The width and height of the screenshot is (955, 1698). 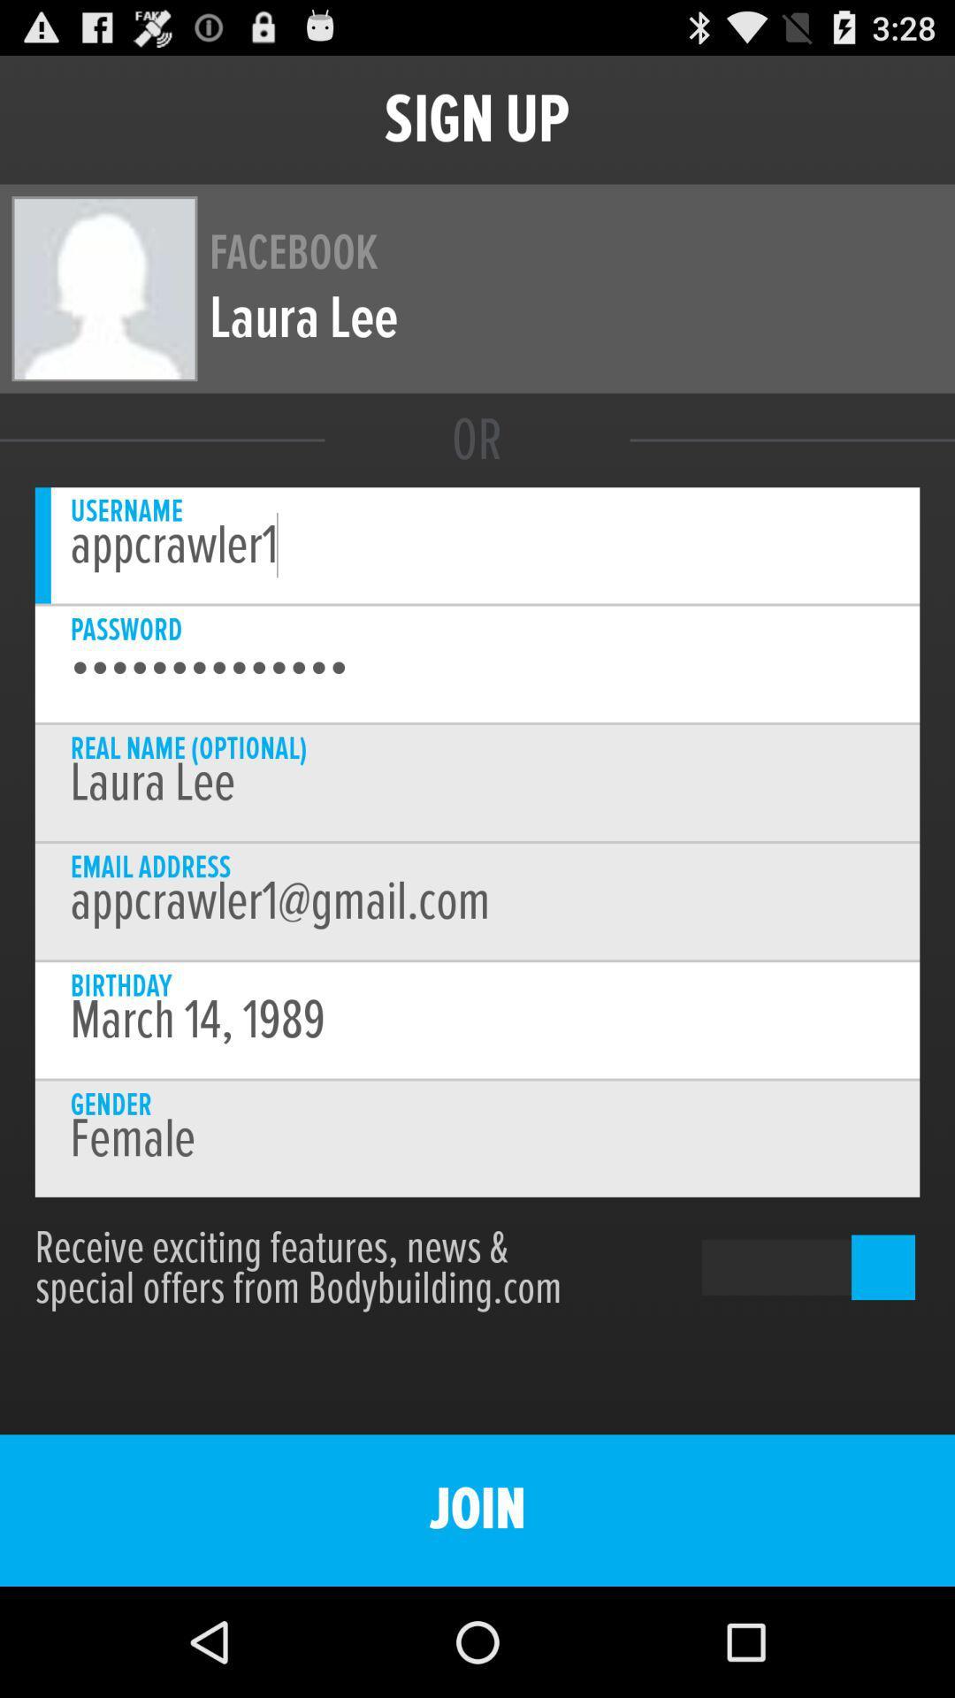 I want to click on the gender box, so click(x=477, y=1139).